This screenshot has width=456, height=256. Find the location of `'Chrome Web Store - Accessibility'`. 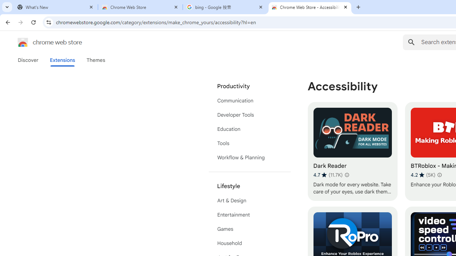

'Chrome Web Store - Accessibility' is located at coordinates (310, 7).